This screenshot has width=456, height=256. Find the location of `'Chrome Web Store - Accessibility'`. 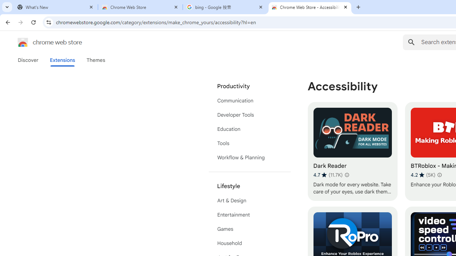

'Chrome Web Store - Accessibility' is located at coordinates (310, 7).